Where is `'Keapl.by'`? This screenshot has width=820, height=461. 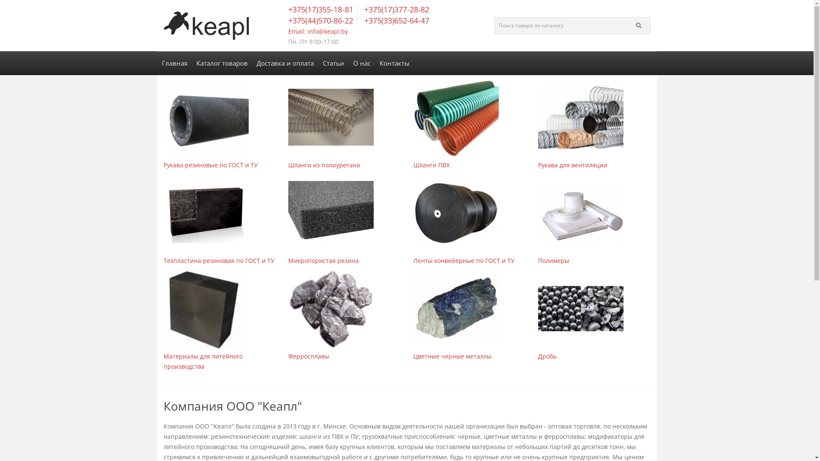 'Keapl.by' is located at coordinates (205, 25).